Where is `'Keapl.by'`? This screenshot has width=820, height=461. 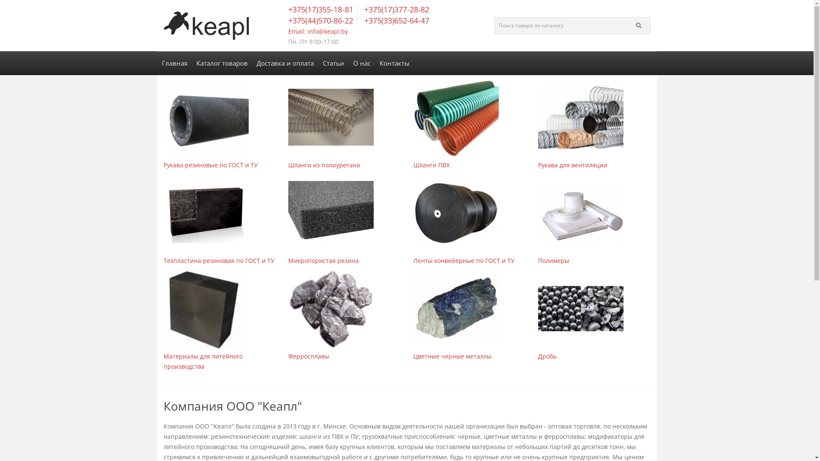 'Keapl.by' is located at coordinates (205, 25).